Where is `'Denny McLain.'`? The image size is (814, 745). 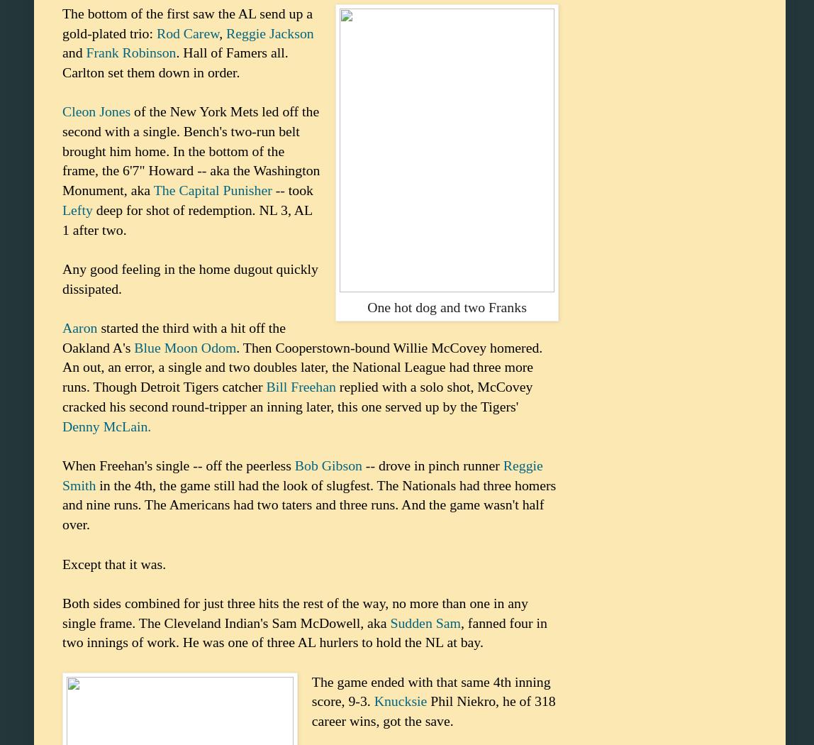
'Denny McLain.' is located at coordinates (106, 424).